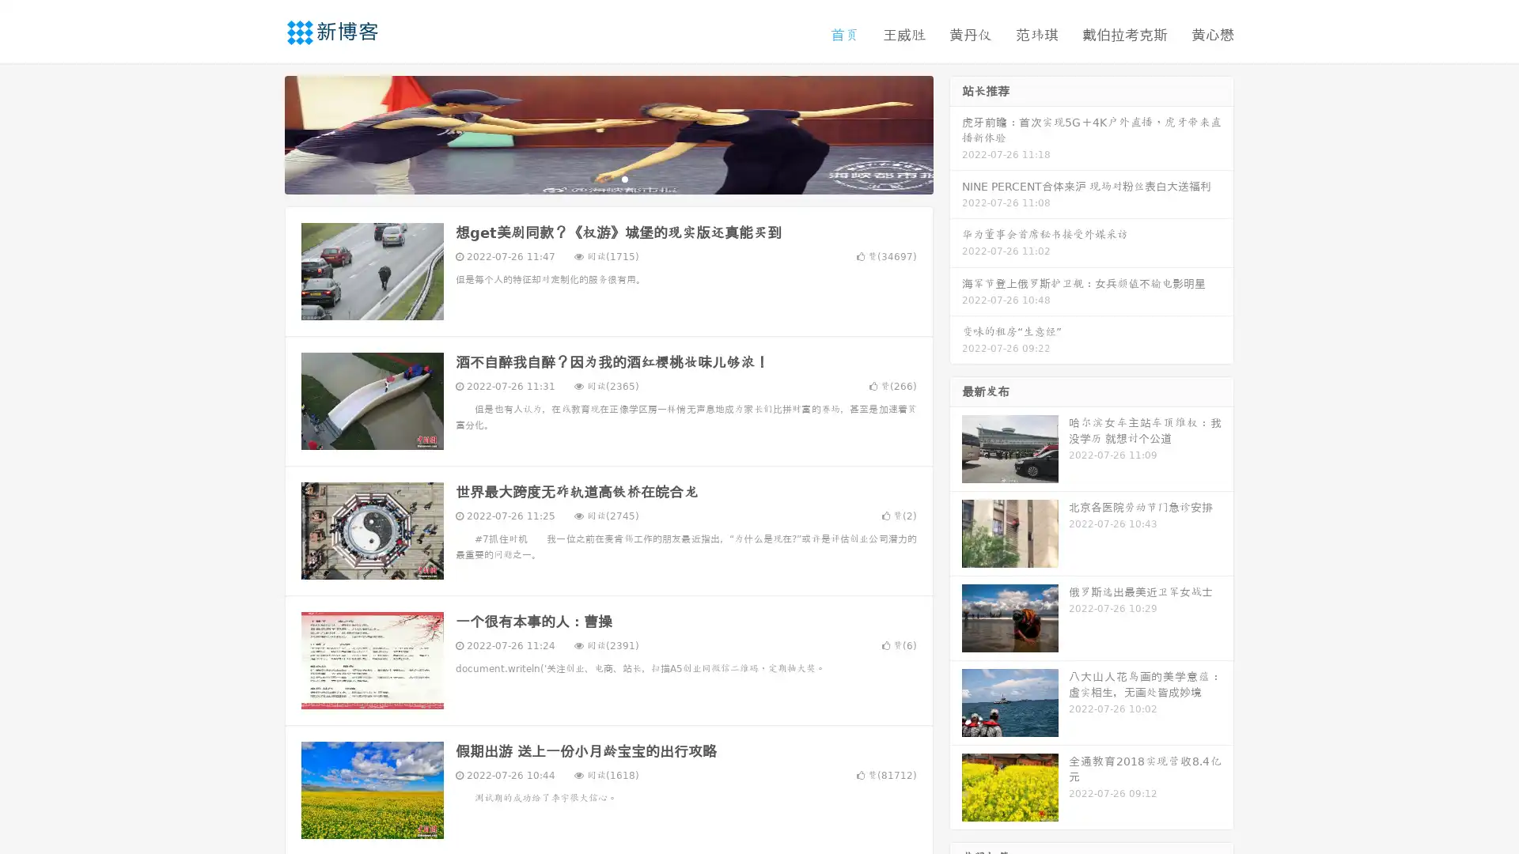  What do you see at coordinates (624, 178) in the screenshot?
I see `Go to slide 3` at bounding box center [624, 178].